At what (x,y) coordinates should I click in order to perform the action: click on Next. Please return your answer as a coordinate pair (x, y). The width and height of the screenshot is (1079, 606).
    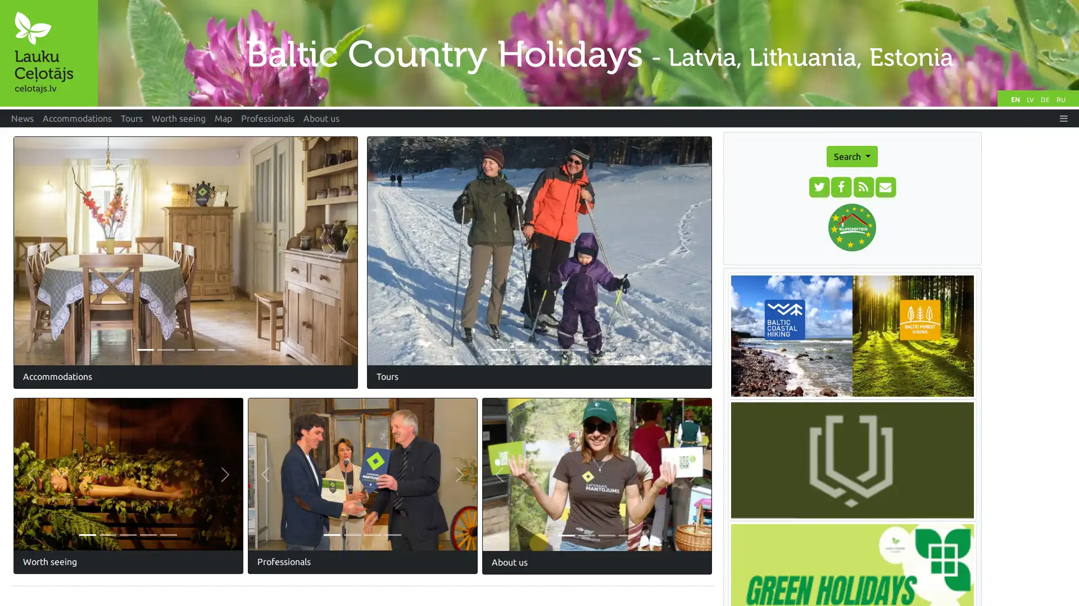
    Looking at the image, I should click on (225, 474).